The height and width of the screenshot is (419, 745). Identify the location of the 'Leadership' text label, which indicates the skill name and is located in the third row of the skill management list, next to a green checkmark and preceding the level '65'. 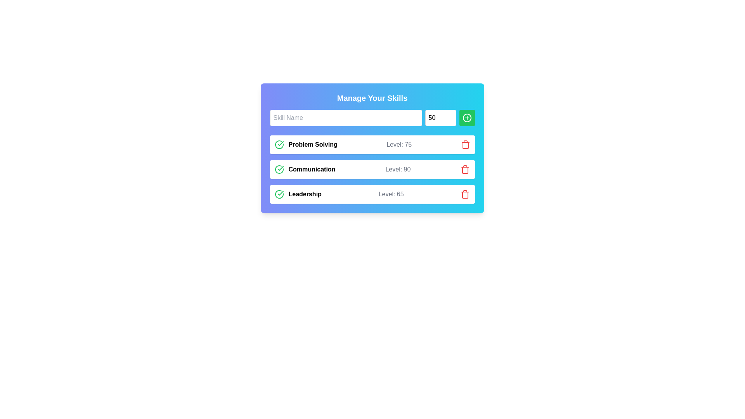
(305, 194).